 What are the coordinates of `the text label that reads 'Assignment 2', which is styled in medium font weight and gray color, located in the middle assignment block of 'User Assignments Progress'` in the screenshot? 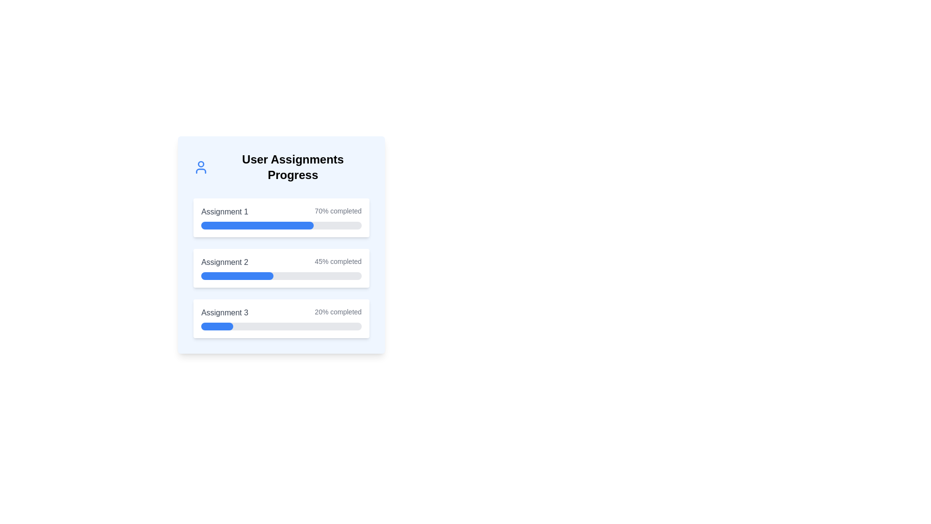 It's located at (224, 262).